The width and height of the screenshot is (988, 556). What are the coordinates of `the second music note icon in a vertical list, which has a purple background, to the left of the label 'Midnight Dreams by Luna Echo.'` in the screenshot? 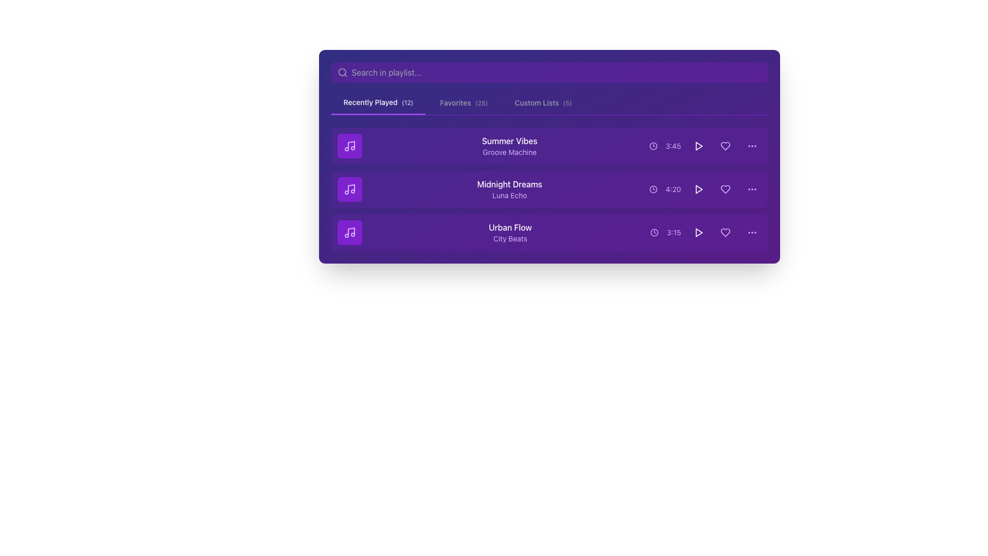 It's located at (349, 189).